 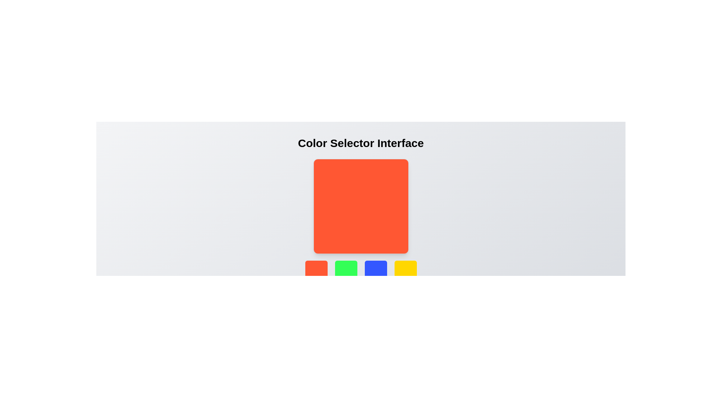 I want to click on the third button in a horizontal grid of four, styled with a bold blue background and rounded corners, located below a large orange square, so click(x=376, y=272).